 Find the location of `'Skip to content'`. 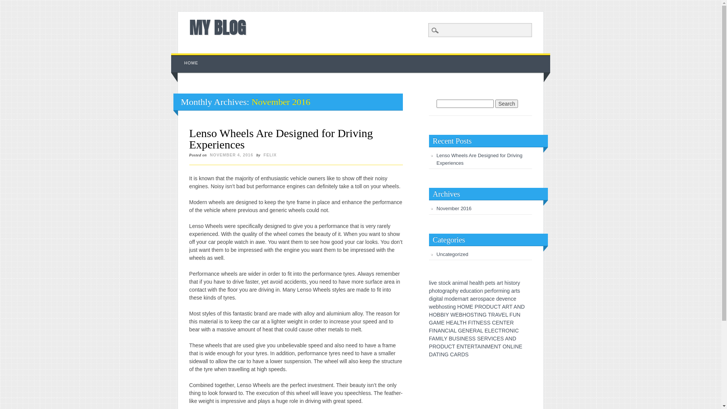

'Skip to content' is located at coordinates (189, 56).